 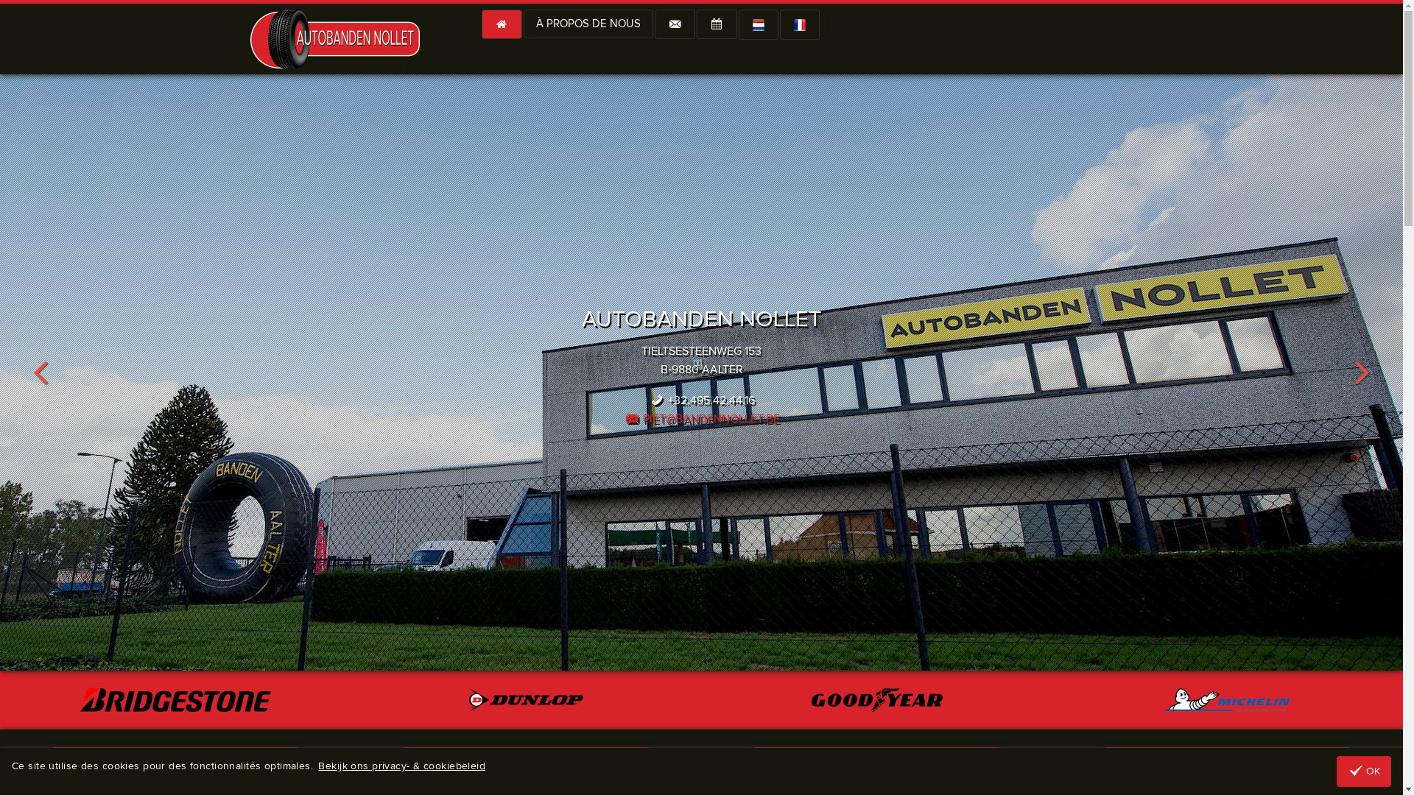 I want to click on 'Bekijk ons privacy- & cookiebeleid', so click(x=401, y=766).